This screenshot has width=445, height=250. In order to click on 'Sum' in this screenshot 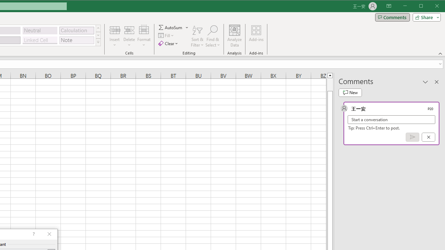, I will do `click(171, 27)`.